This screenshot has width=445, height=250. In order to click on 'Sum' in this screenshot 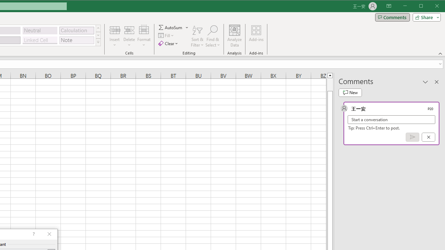, I will do `click(171, 27)`.